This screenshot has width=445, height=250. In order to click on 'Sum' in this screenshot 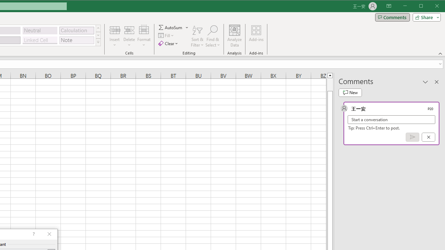, I will do `click(171, 27)`.